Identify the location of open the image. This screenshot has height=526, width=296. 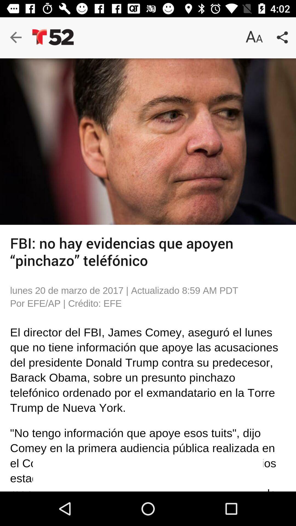
(148, 141).